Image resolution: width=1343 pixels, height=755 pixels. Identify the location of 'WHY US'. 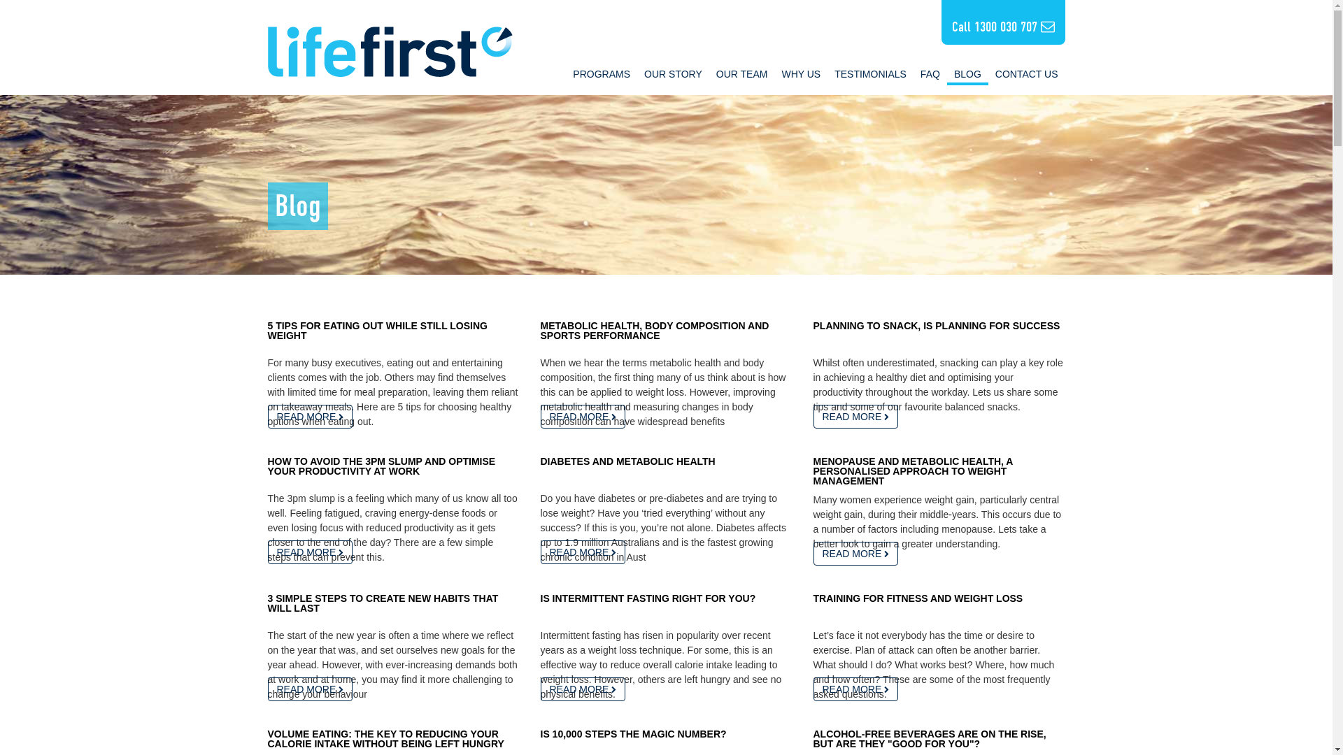
(774, 73).